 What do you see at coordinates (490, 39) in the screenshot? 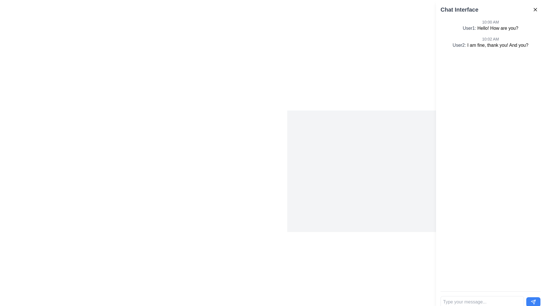
I see `the timestamp text label indicating the time the message was sent by User2, located above the message 'I am fine, thank you! And you?'` at bounding box center [490, 39].